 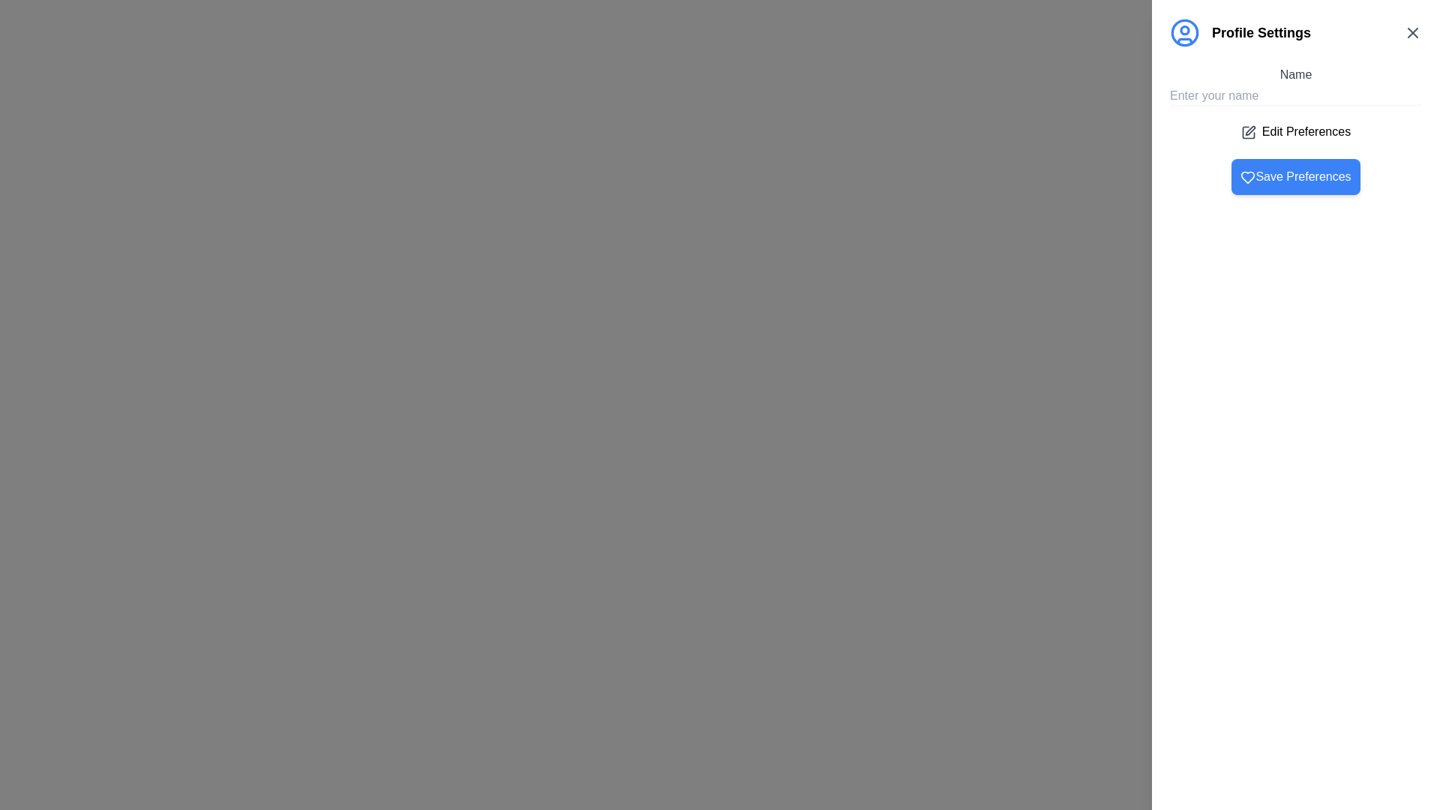 What do you see at coordinates (1183, 29) in the screenshot?
I see `the small white circular graphic element located slightly above the horizontal center of the larger blue circular icon labeled 'Profile Settings' in the header section of the right-hand panel` at bounding box center [1183, 29].